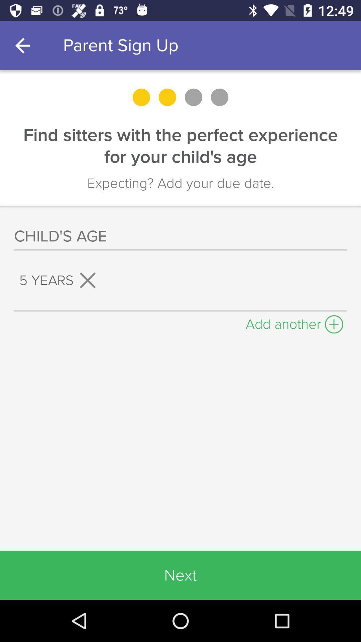 The image size is (361, 642). Describe the element at coordinates (294, 322) in the screenshot. I see `icon on the right` at that location.